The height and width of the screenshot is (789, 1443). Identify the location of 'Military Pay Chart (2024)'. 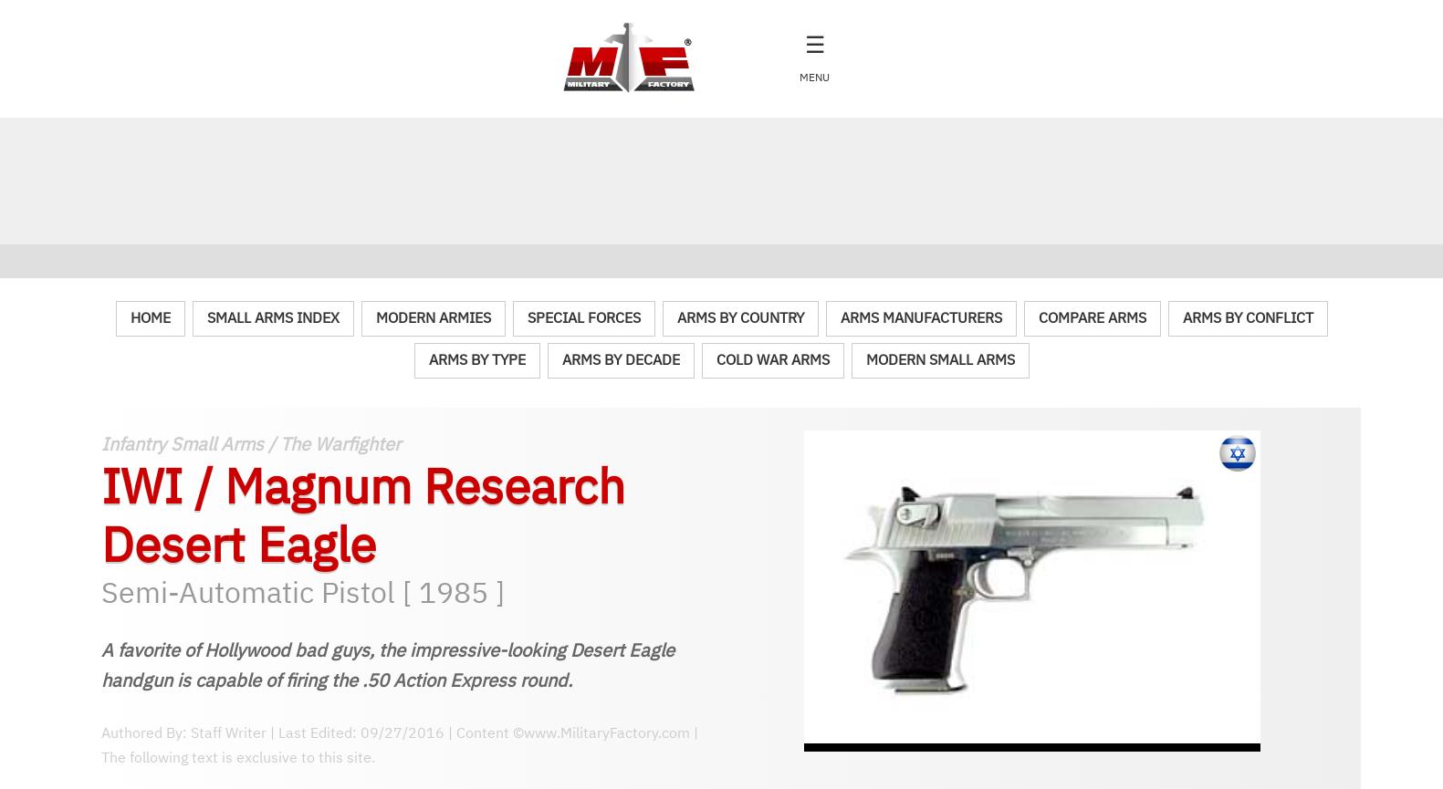
(41, 685).